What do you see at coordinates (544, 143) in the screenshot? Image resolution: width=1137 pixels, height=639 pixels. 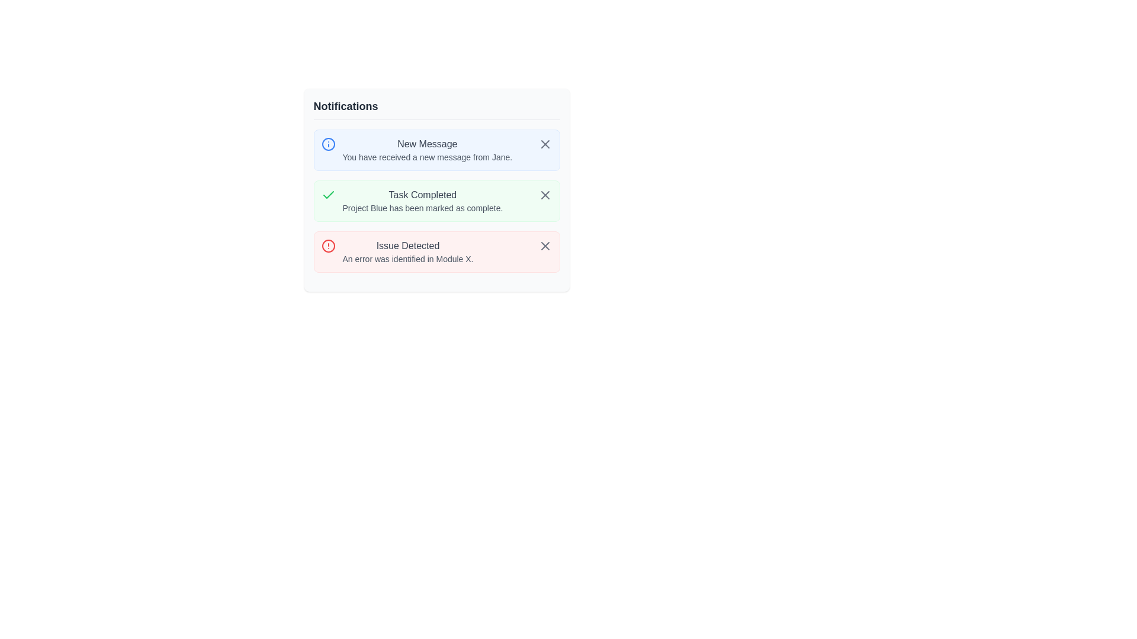 I see `the close icon (styled as an 'X') located in the top-right corner of the 'New Message' notification card` at bounding box center [544, 143].